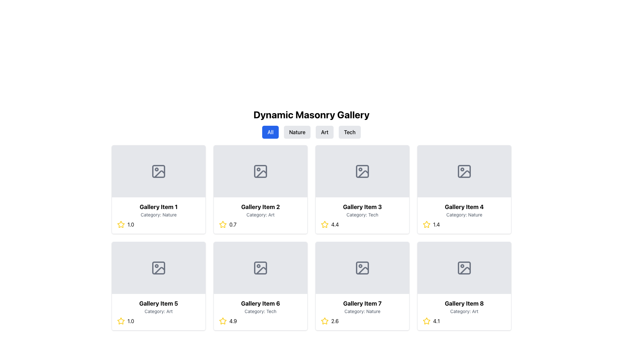 The height and width of the screenshot is (350, 623). Describe the element at coordinates (260, 268) in the screenshot. I see `the stylized SVG icon for 'Gallery Item 6', which is located in the second row, third column of the gallery layout, featuring a square with rounded corners and a small circle in the top left` at that location.